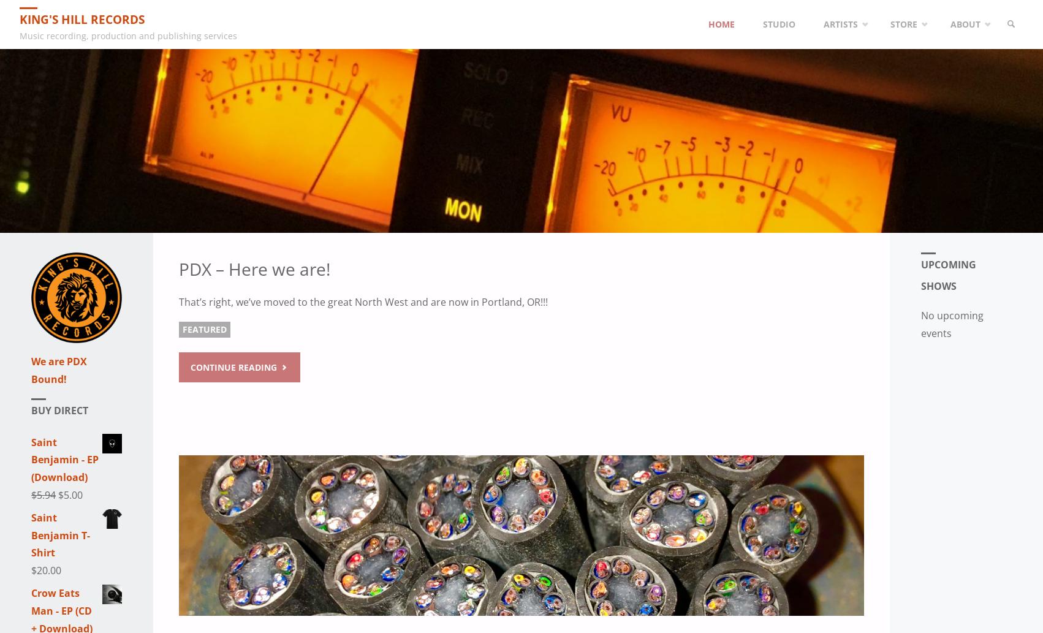  I want to click on '5.94', so click(46, 495).